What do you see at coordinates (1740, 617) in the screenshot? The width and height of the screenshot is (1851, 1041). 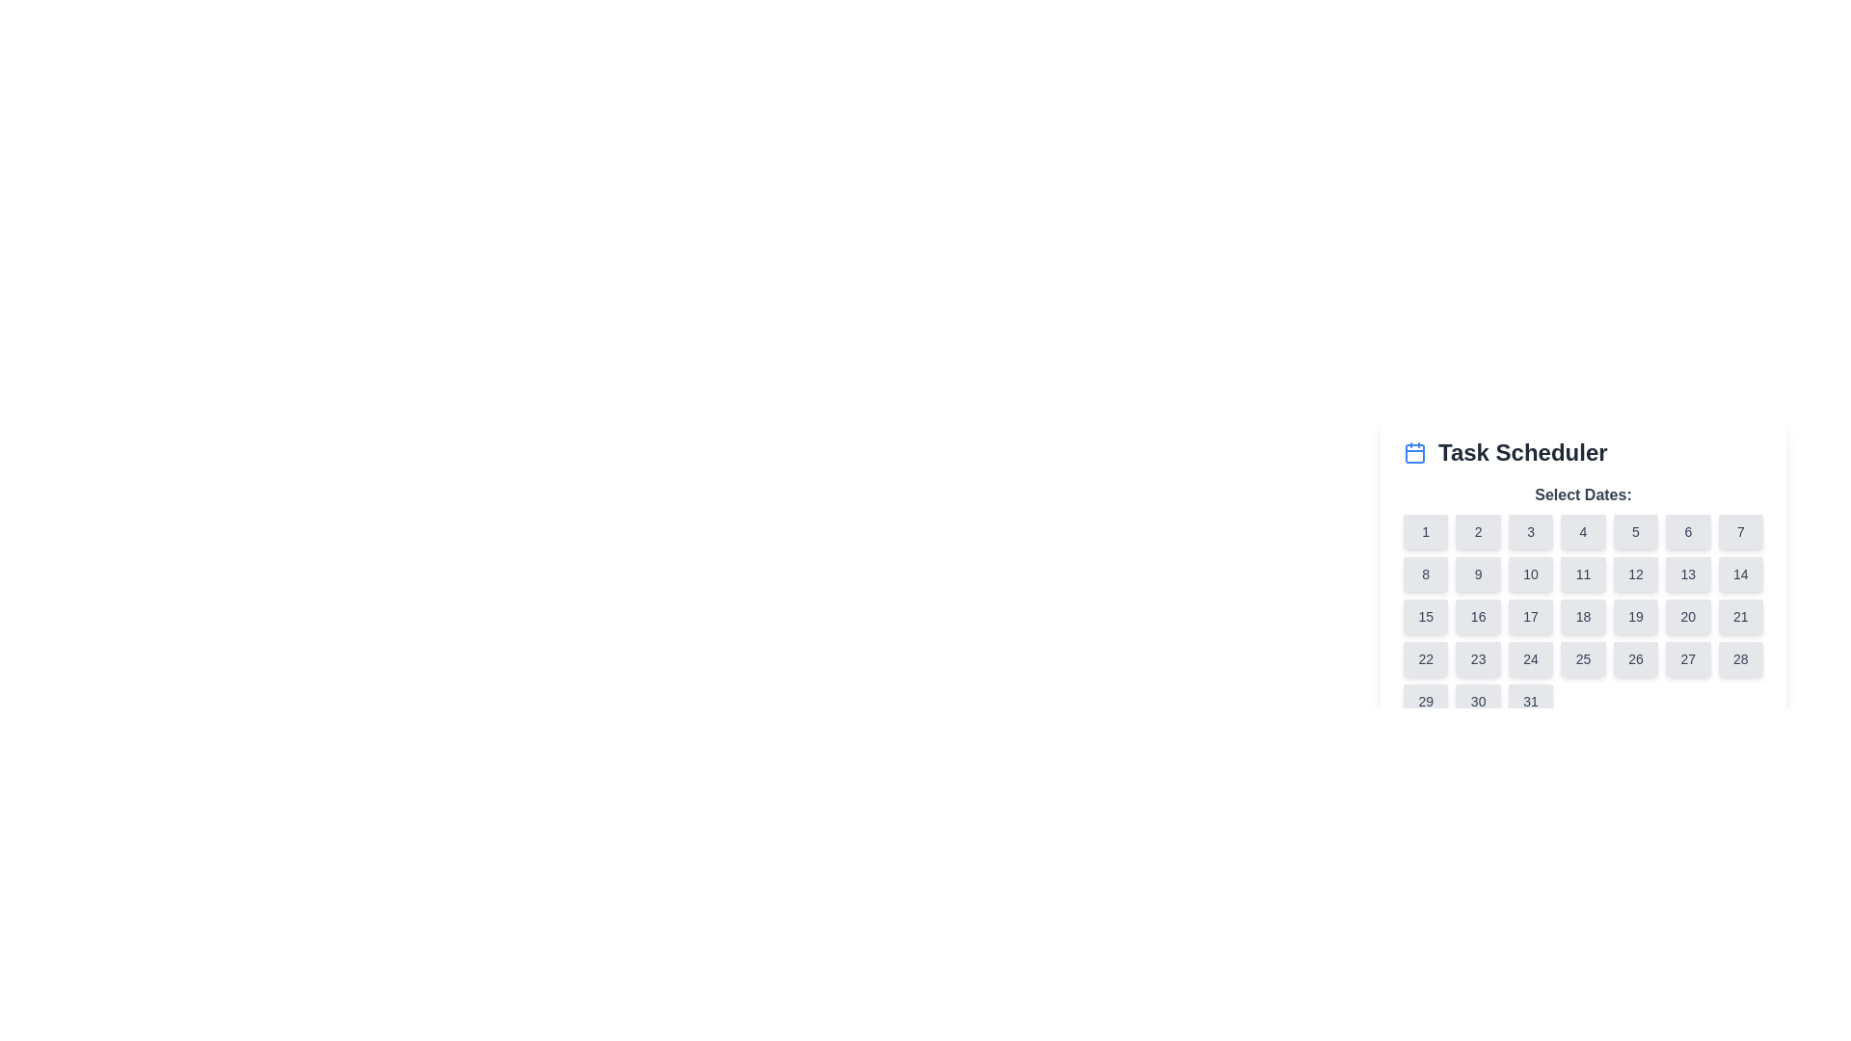 I see `the button for selecting the date '21' located in the bottom-right area of a grid layout, specifically in the seventh column of the third row` at bounding box center [1740, 617].